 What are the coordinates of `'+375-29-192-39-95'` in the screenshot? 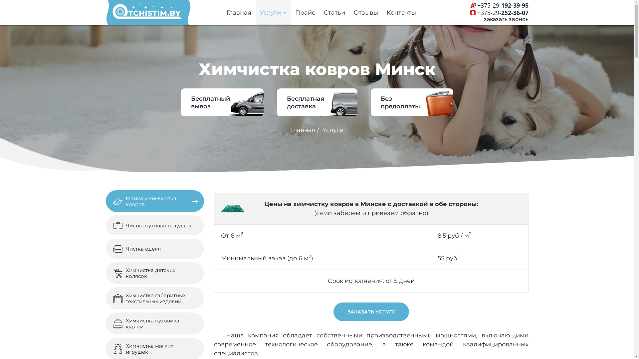 It's located at (503, 5).